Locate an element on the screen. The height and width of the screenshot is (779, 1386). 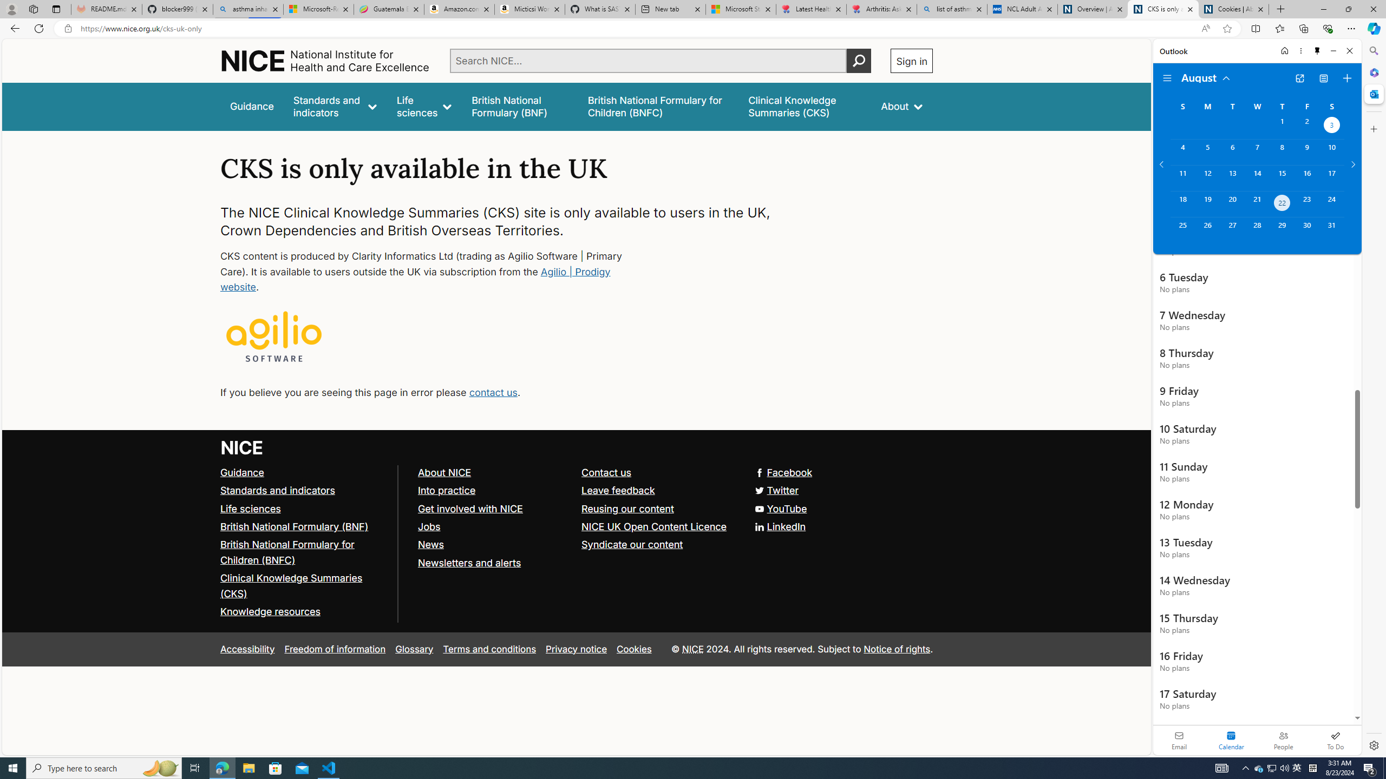
'Tuesday, August 6, 2024. ' is located at coordinates (1231, 151).